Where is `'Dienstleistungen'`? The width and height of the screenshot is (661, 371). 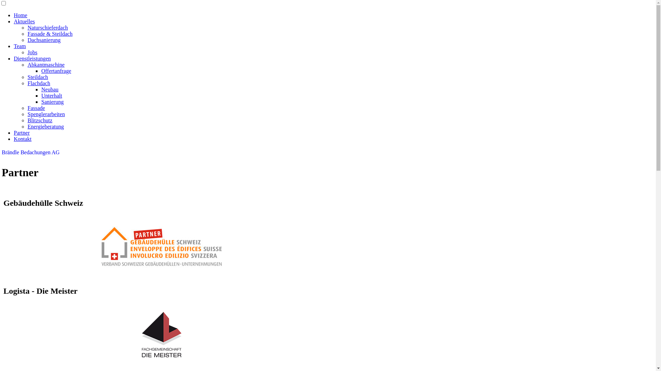 'Dienstleistungen' is located at coordinates (32, 58).